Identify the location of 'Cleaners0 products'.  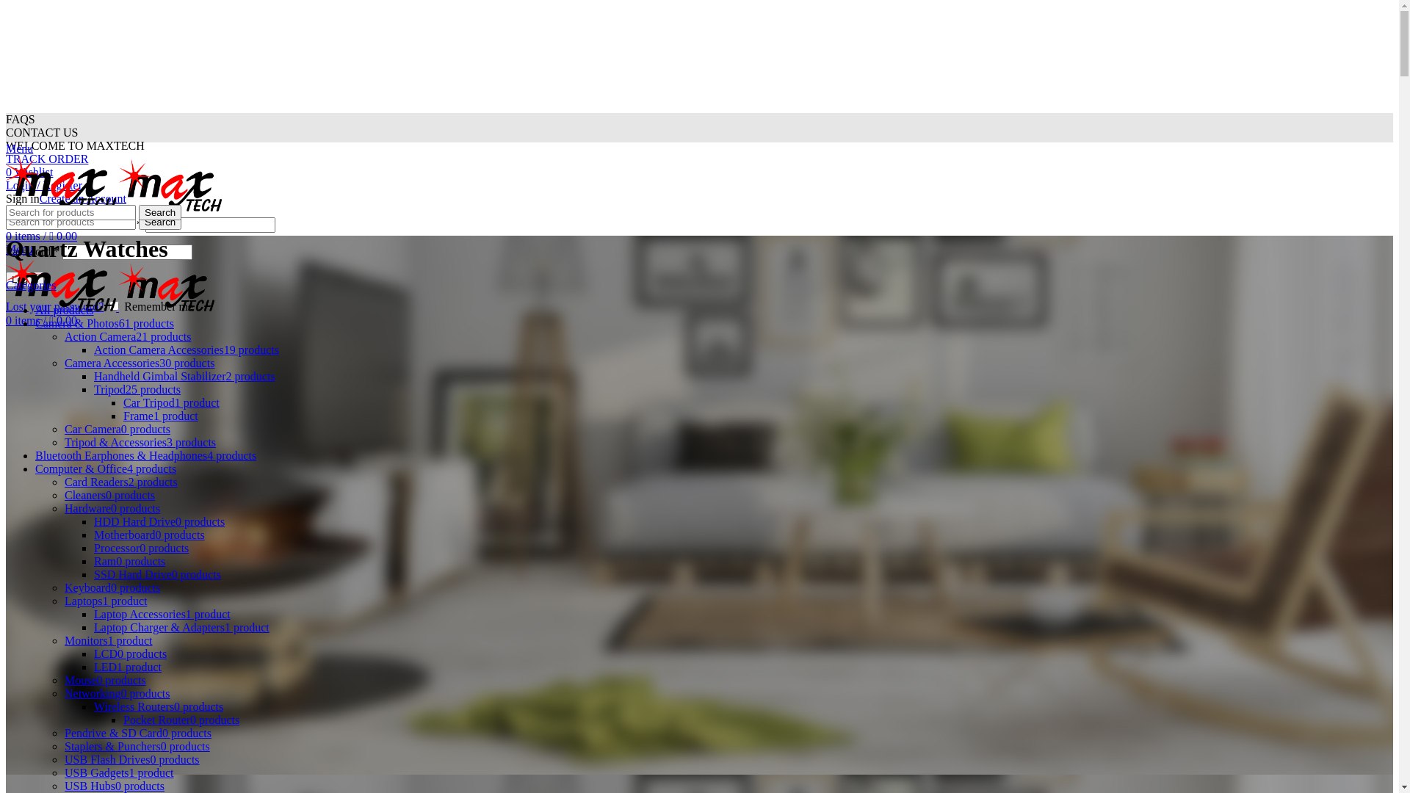
(109, 495).